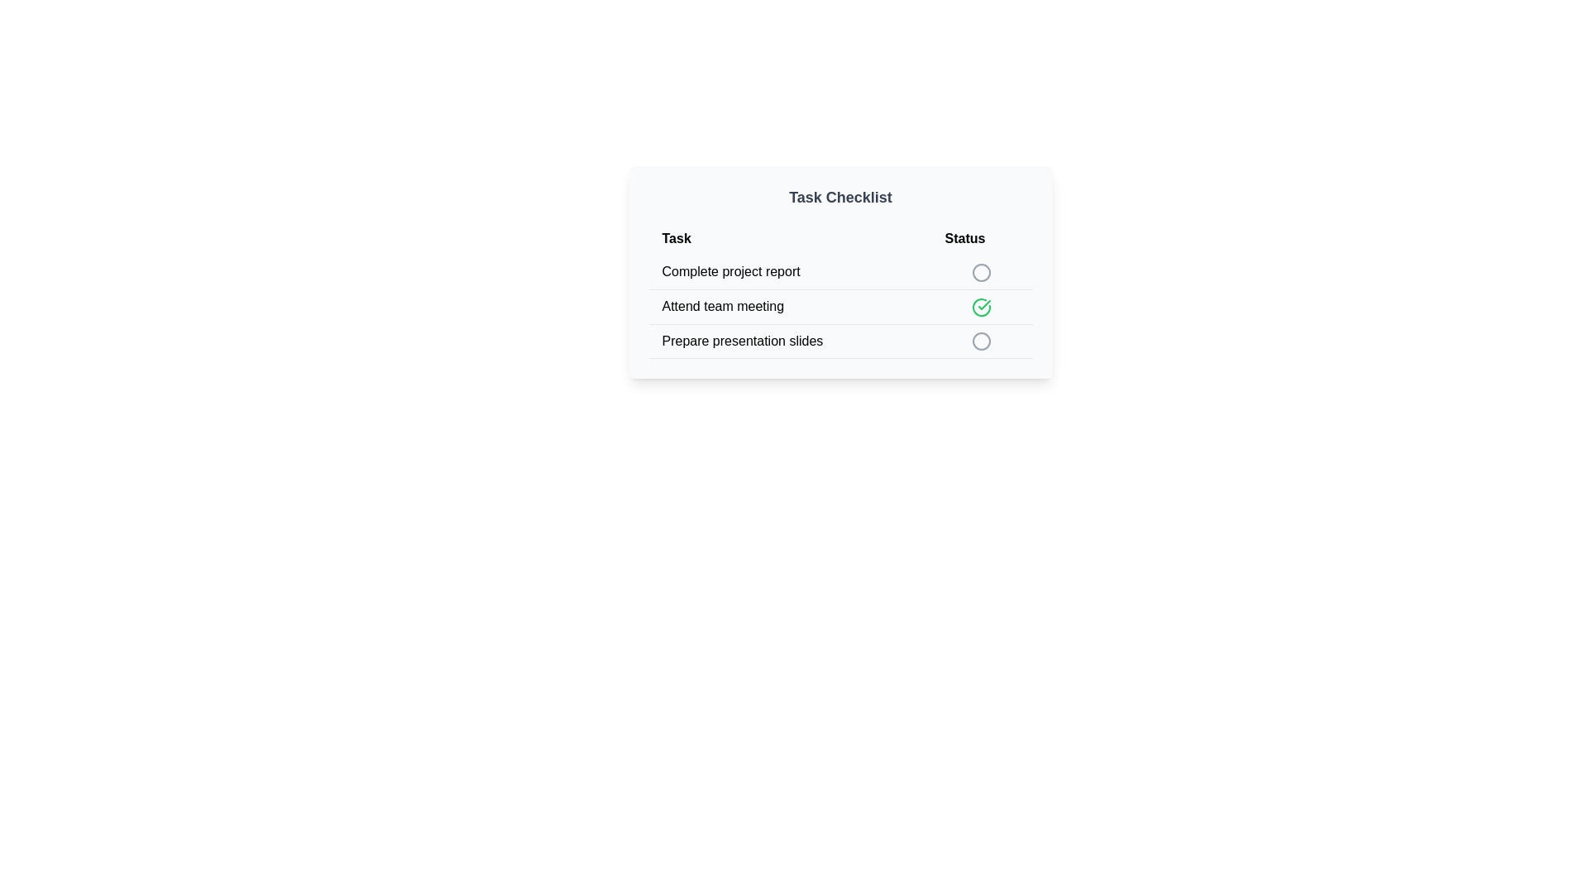  What do you see at coordinates (982, 271) in the screenshot?
I see `the status indicator icon for the task 'Complete project report'` at bounding box center [982, 271].